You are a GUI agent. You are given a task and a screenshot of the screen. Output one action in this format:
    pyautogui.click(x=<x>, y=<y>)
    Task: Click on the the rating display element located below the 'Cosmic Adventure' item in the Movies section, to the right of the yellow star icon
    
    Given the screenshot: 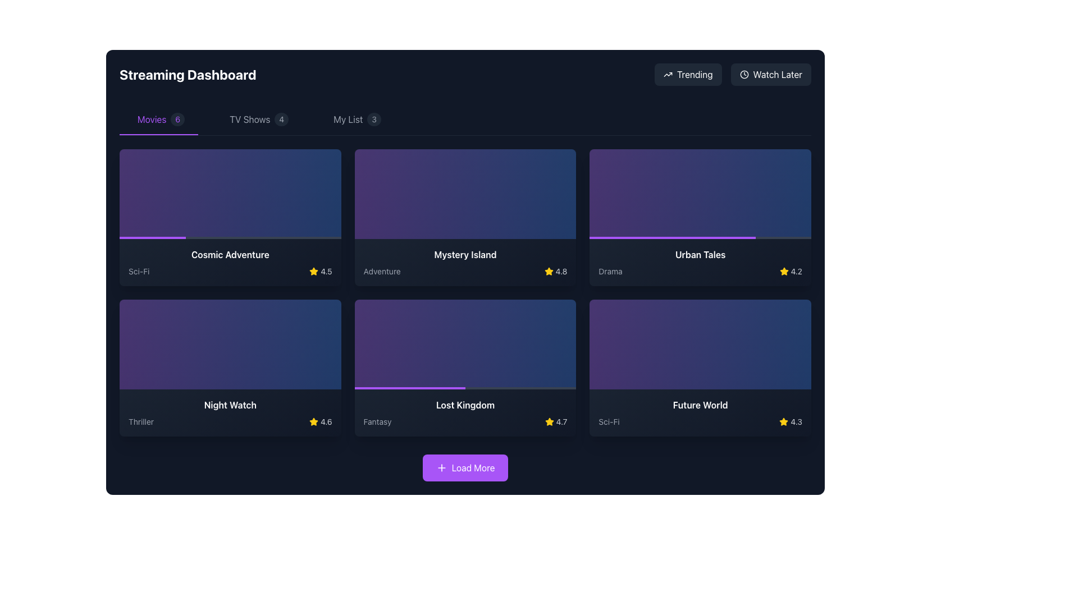 What is the action you would take?
    pyautogui.click(x=326, y=271)
    